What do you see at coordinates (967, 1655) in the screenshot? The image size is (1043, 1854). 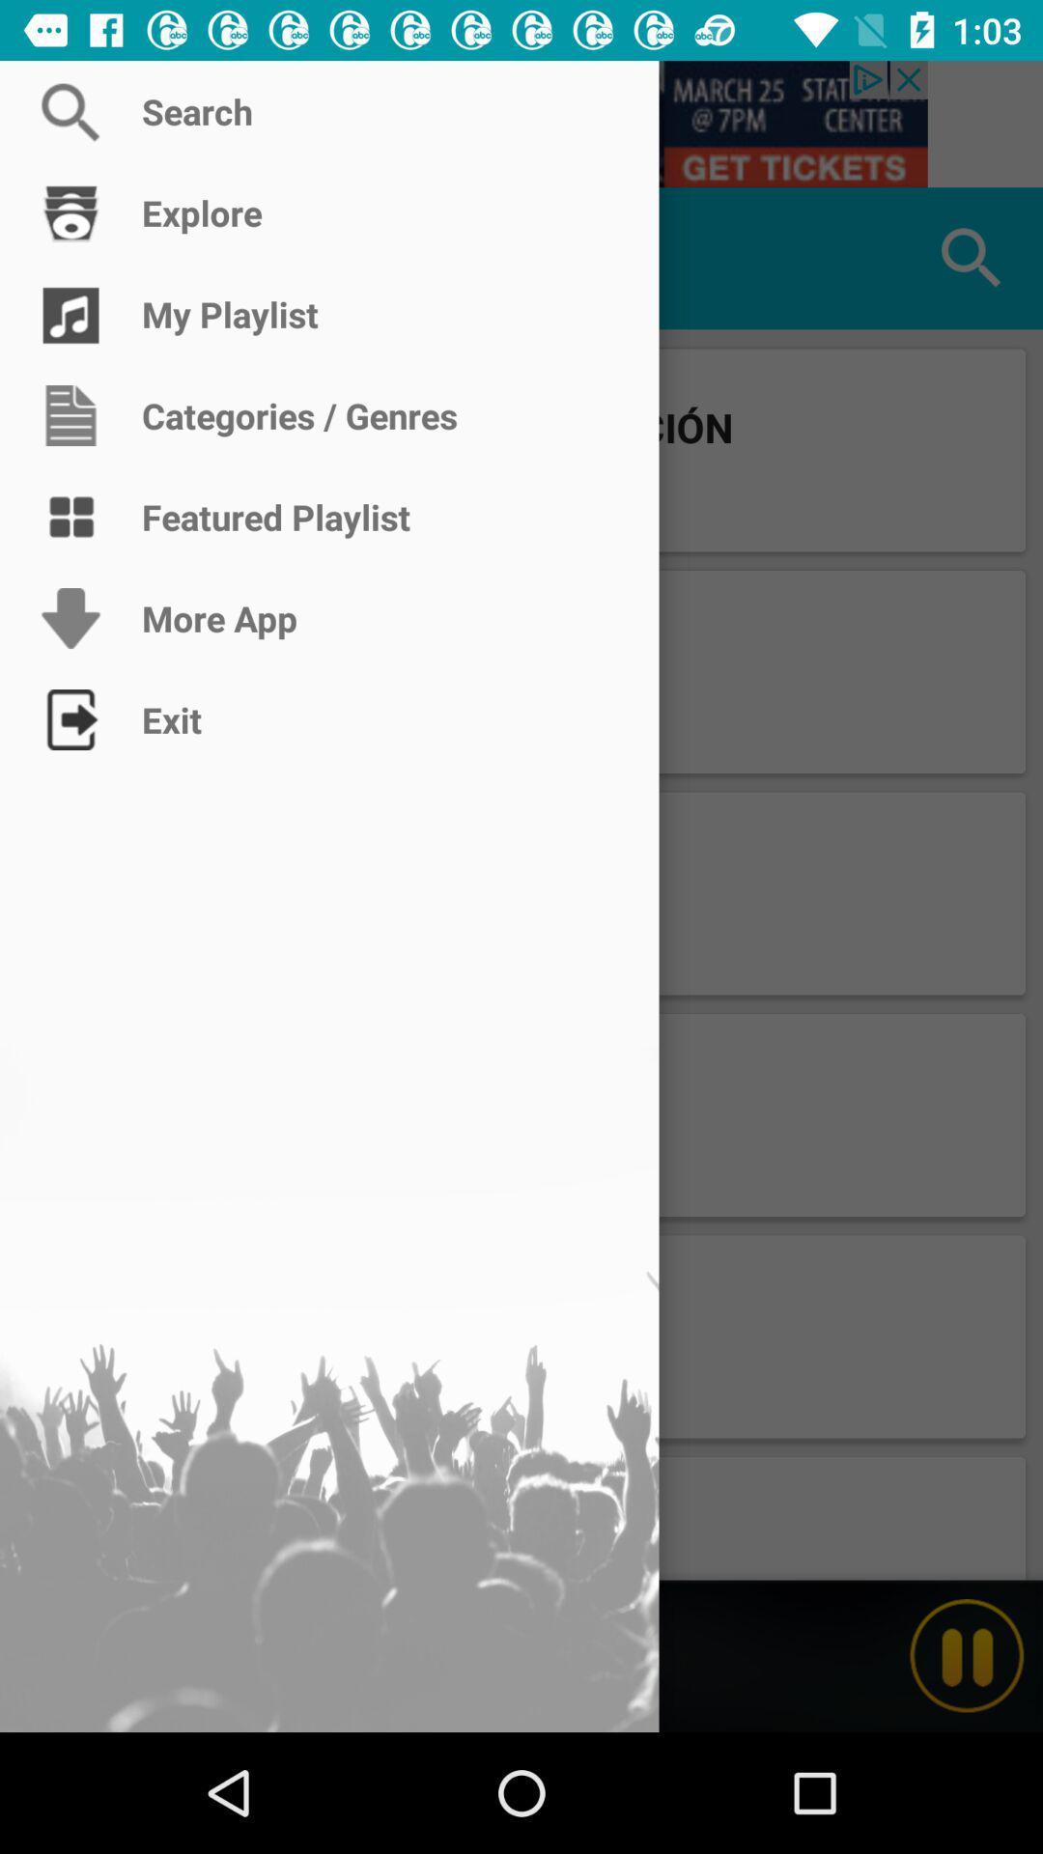 I see `the pause icon` at bounding box center [967, 1655].